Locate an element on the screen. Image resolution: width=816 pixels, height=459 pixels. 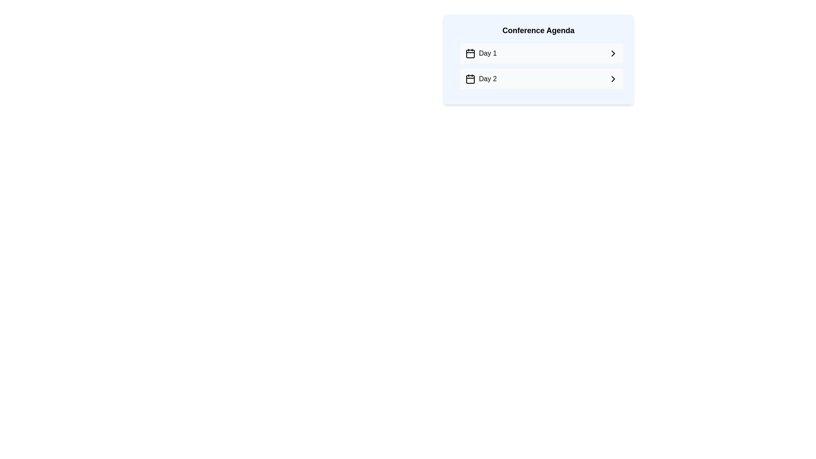
the list item labeled 'Day 1' which contains a calendar icon and is styled in a softly rounded rectangle is located at coordinates (481, 54).